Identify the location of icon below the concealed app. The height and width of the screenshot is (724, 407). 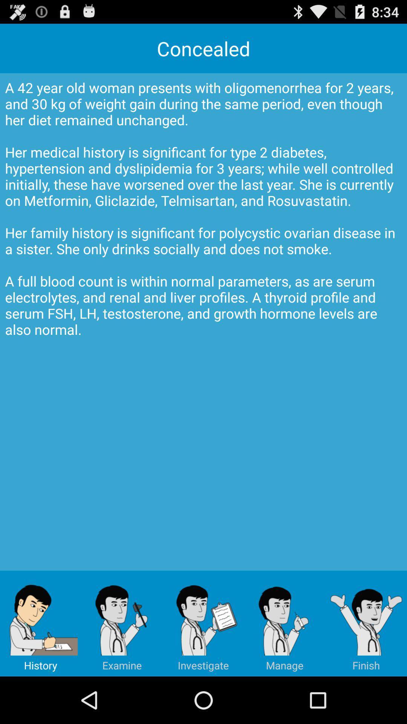
(203, 322).